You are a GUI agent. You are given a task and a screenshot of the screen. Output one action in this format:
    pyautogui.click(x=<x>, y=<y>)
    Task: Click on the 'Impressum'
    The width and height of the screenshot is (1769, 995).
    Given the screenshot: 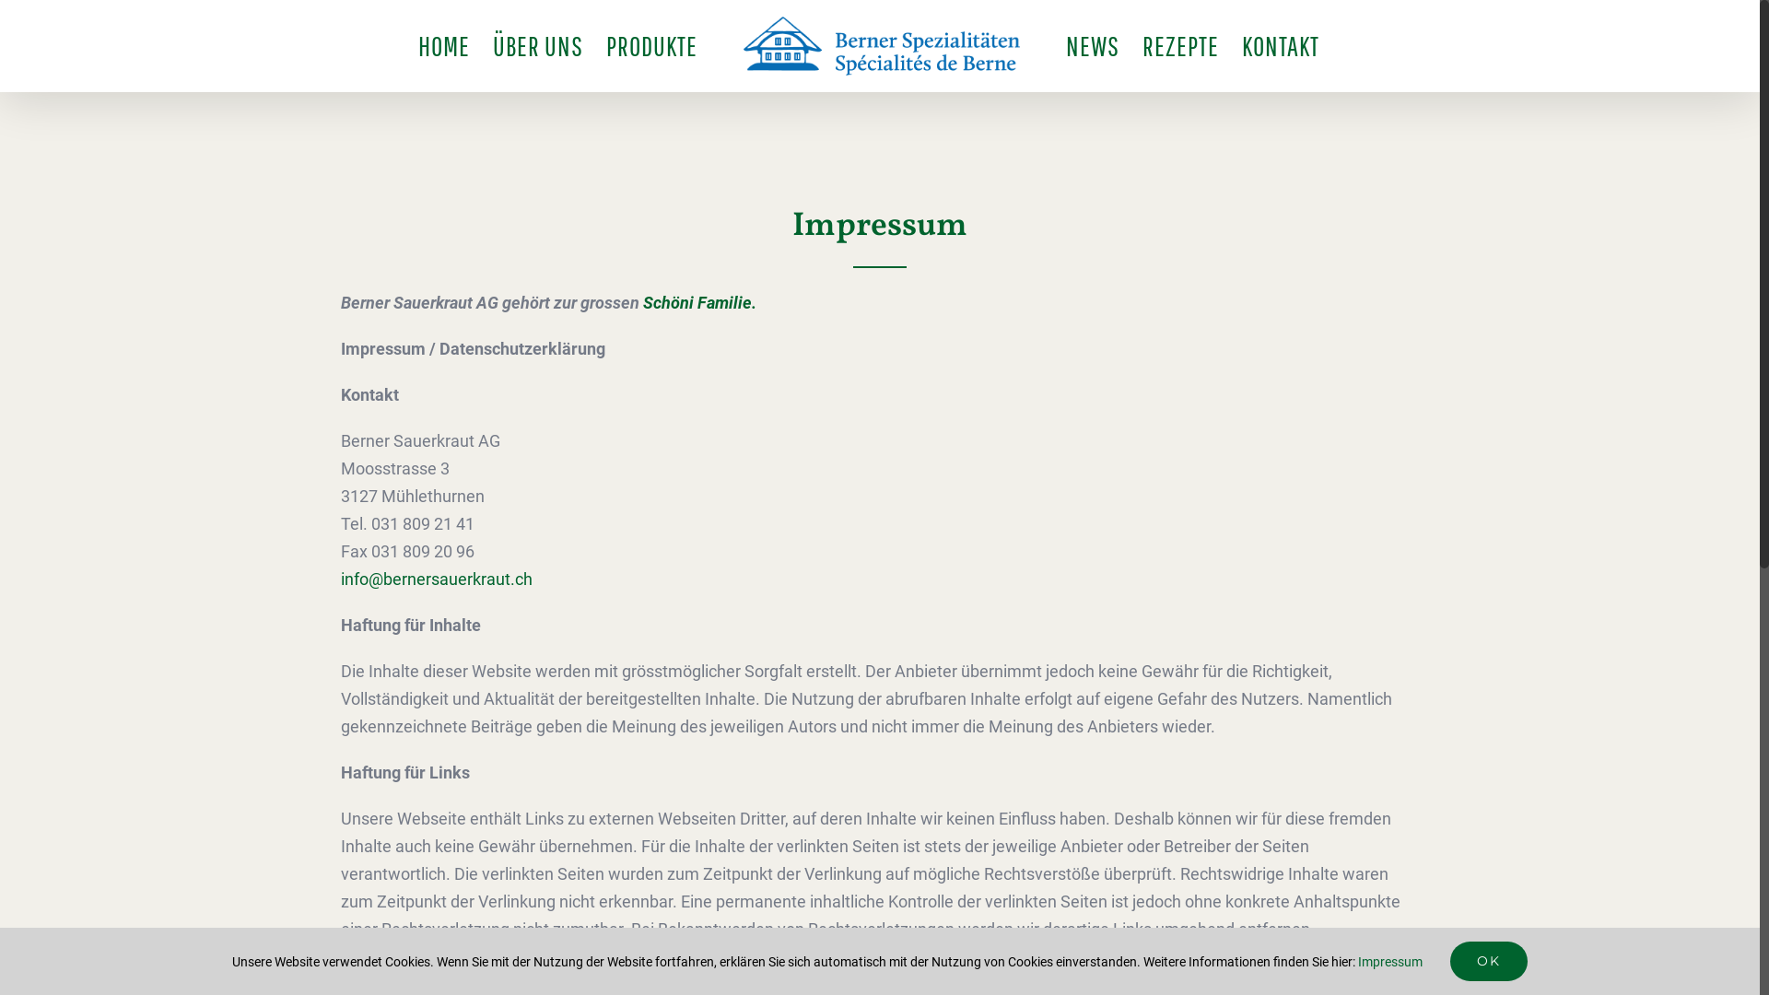 What is the action you would take?
    pyautogui.click(x=1389, y=961)
    